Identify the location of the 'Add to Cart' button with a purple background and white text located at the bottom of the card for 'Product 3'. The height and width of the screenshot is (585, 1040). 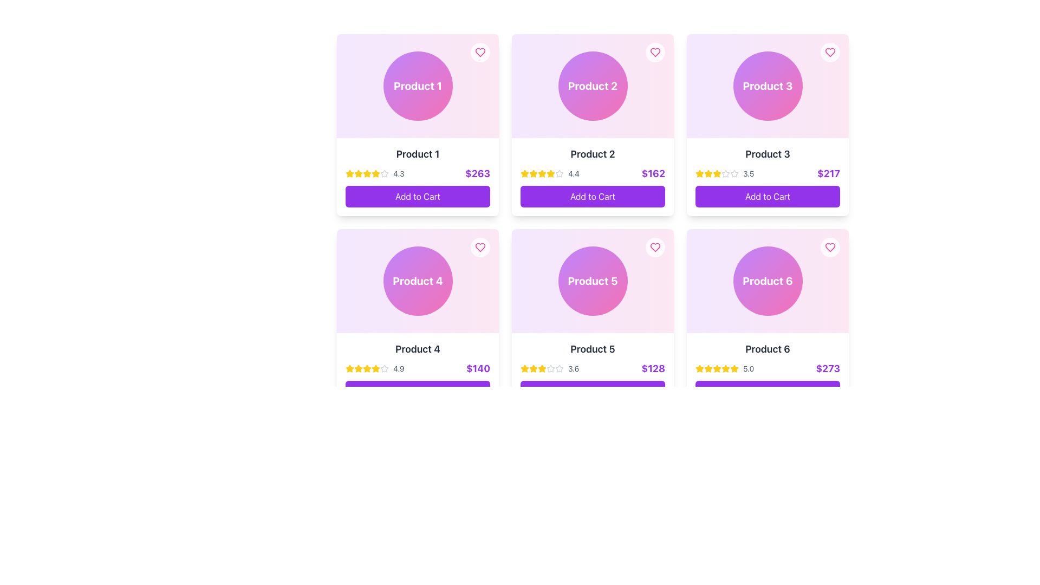
(767, 196).